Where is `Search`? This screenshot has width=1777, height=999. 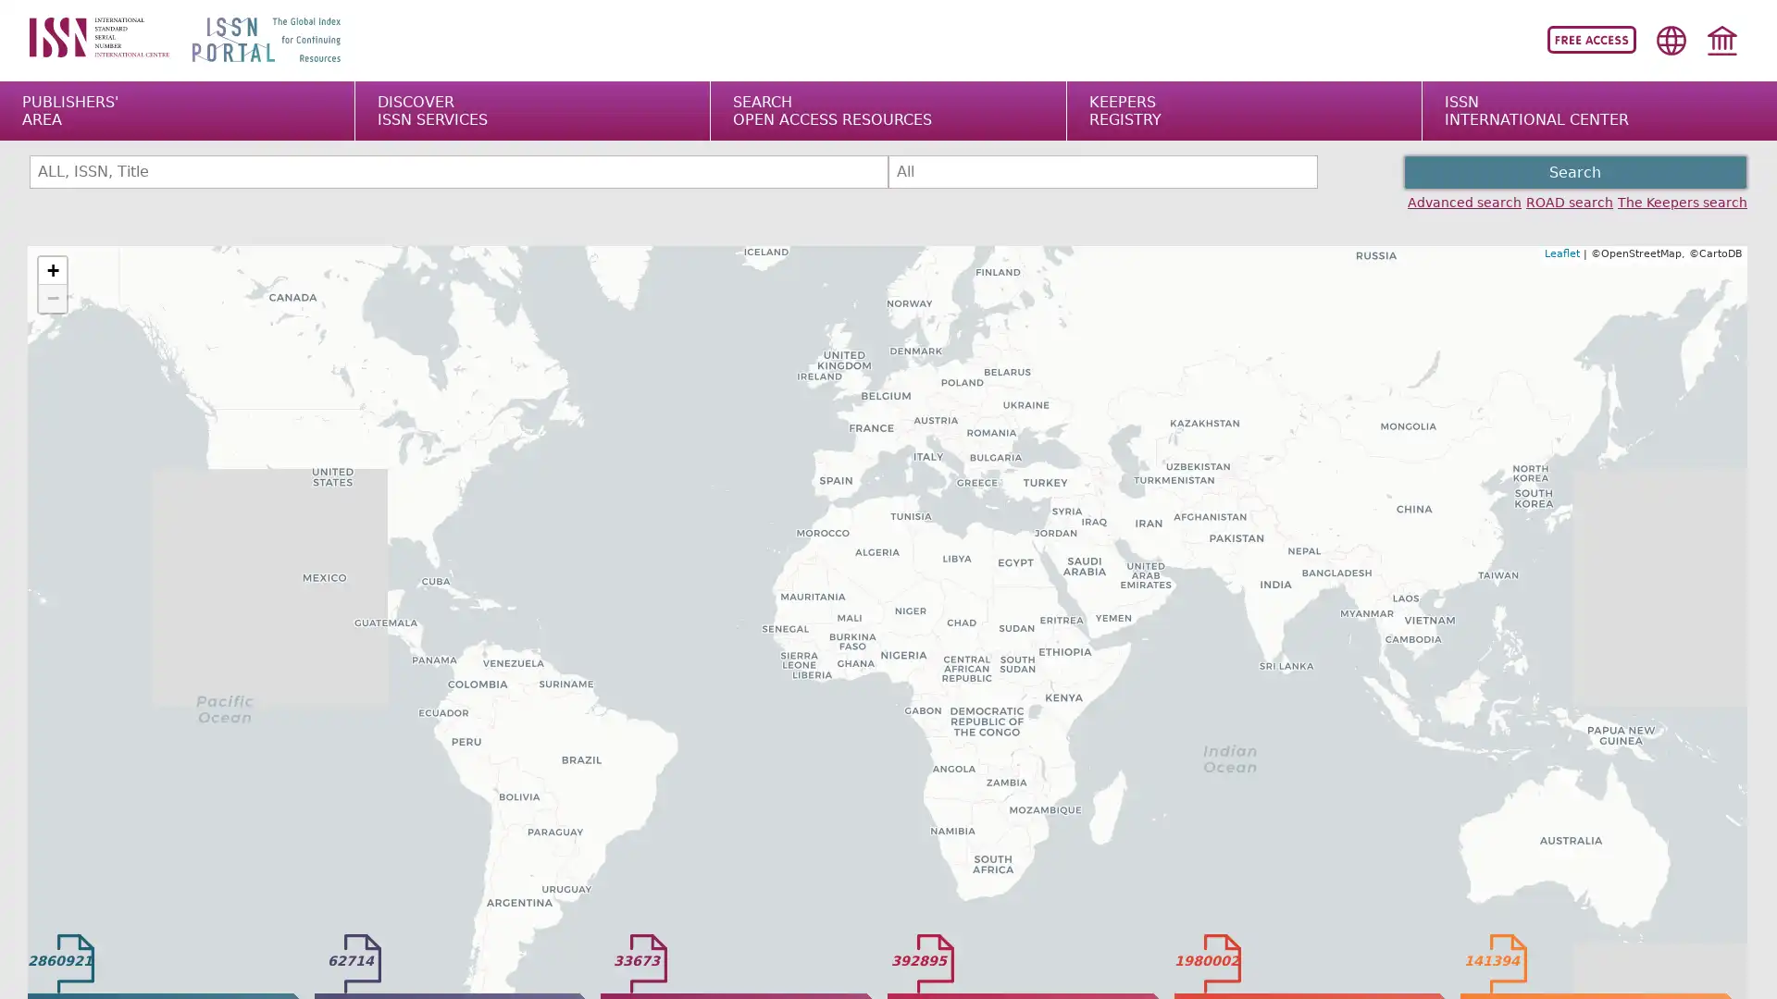 Search is located at coordinates (1574, 172).